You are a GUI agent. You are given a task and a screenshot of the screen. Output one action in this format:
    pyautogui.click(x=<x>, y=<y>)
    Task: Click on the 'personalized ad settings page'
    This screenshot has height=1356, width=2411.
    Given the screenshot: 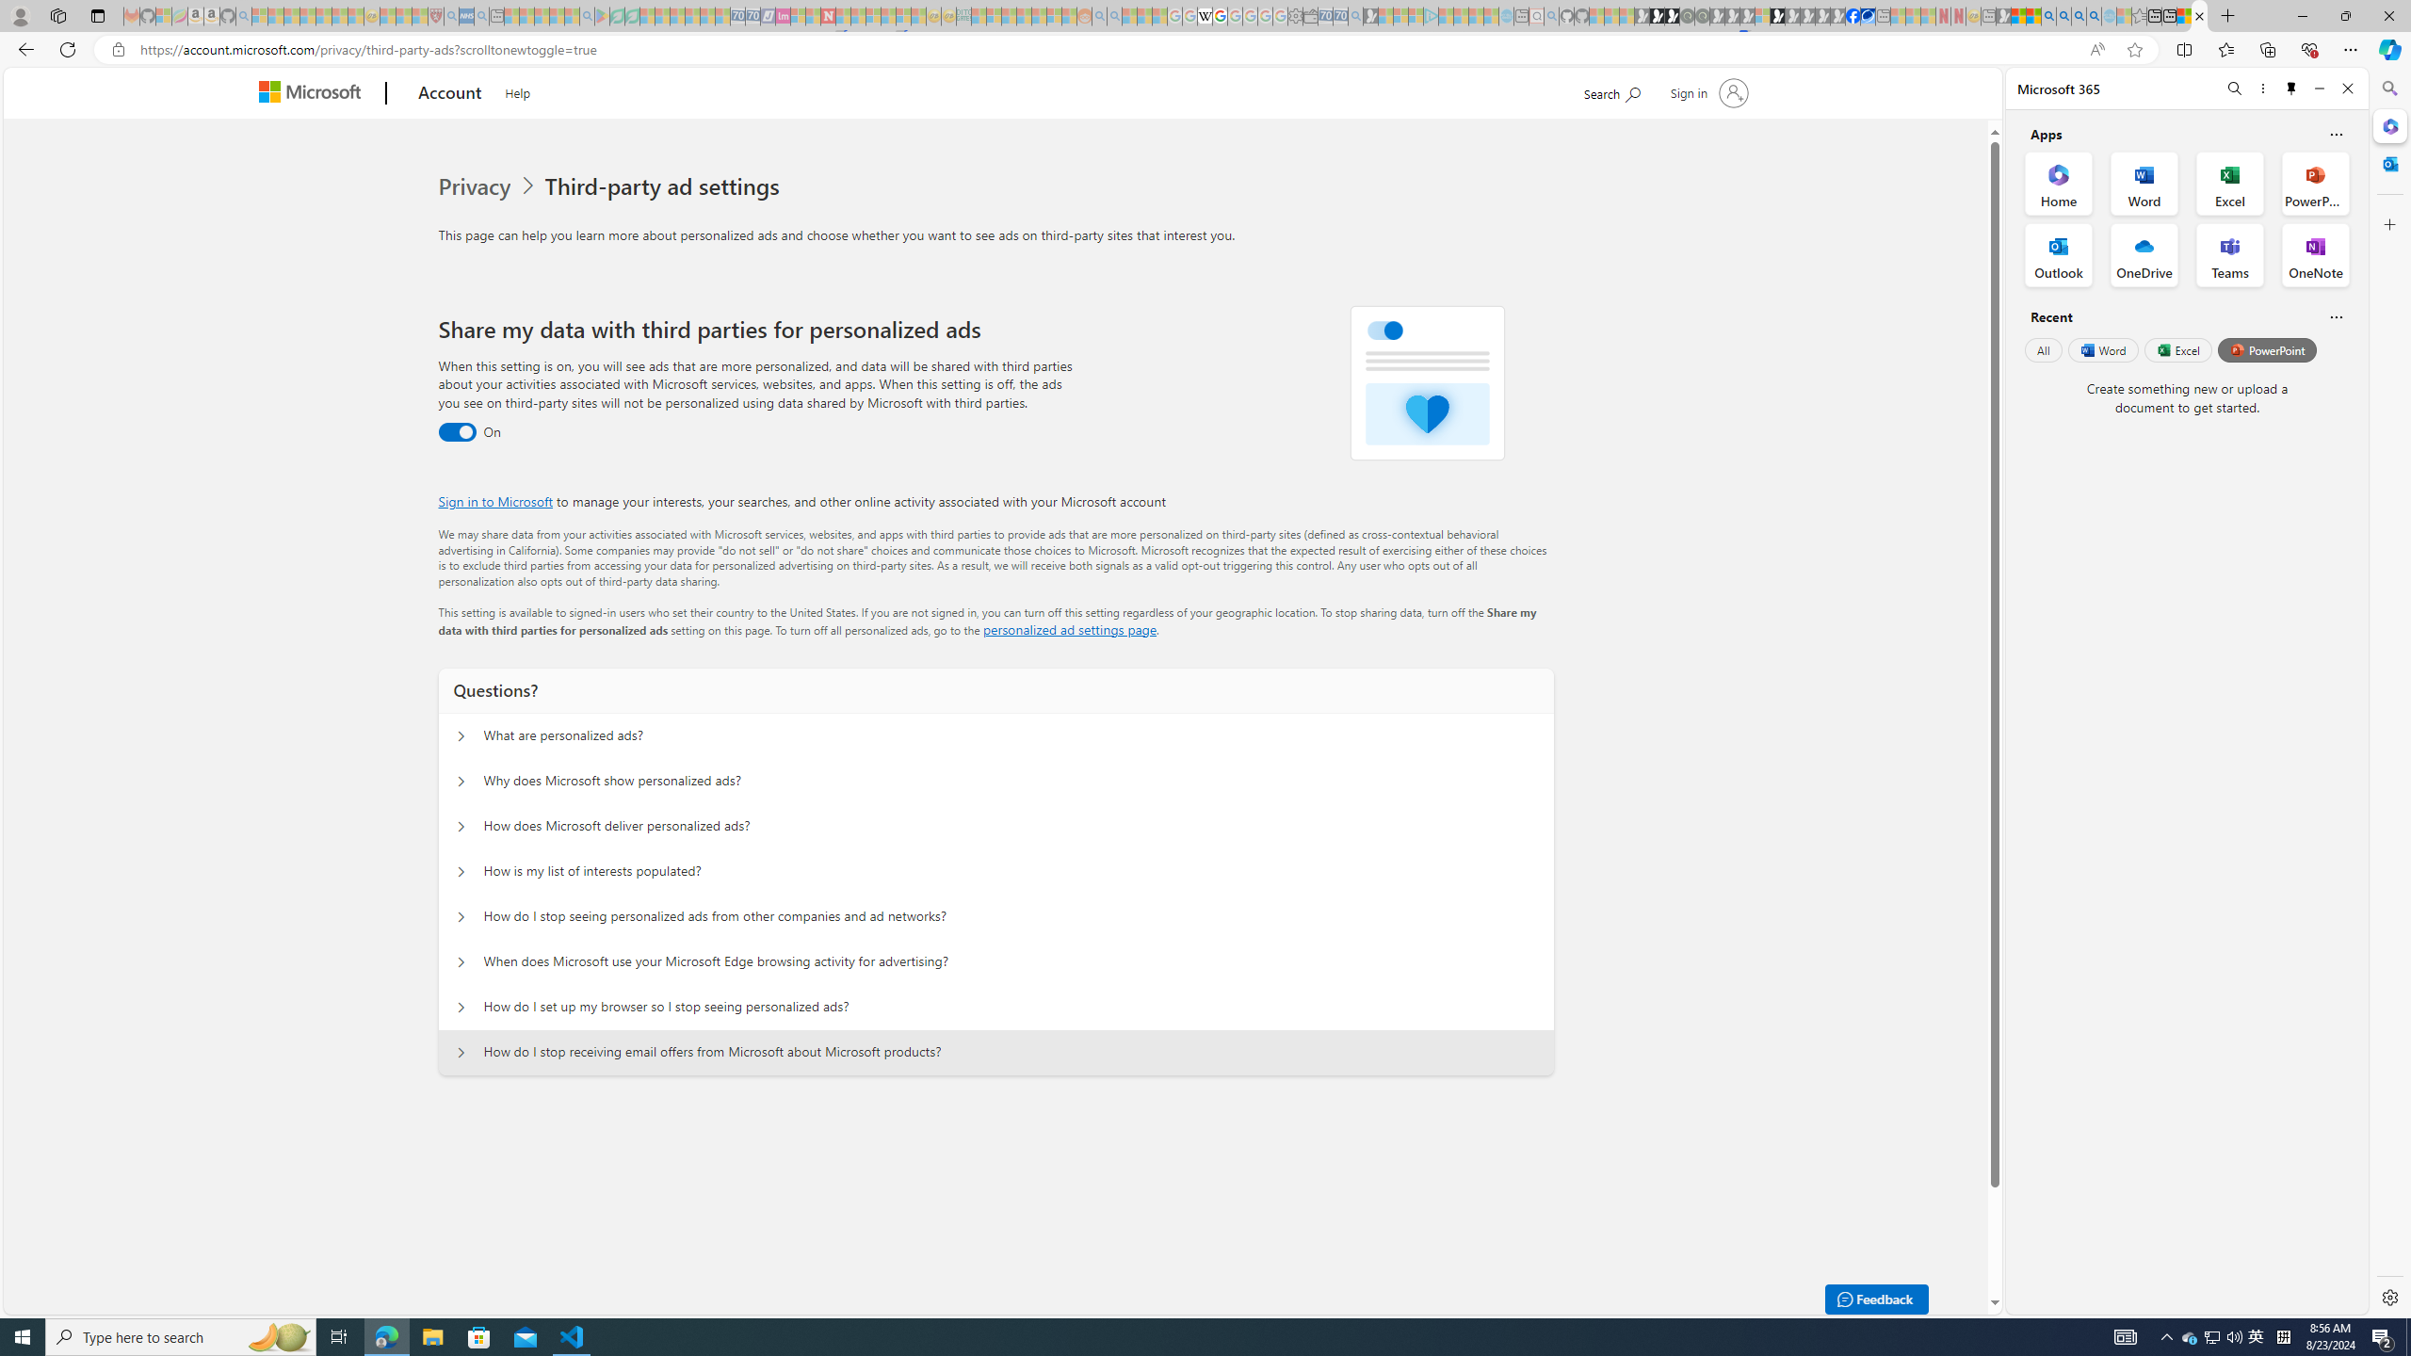 What is the action you would take?
    pyautogui.click(x=1068, y=628)
    